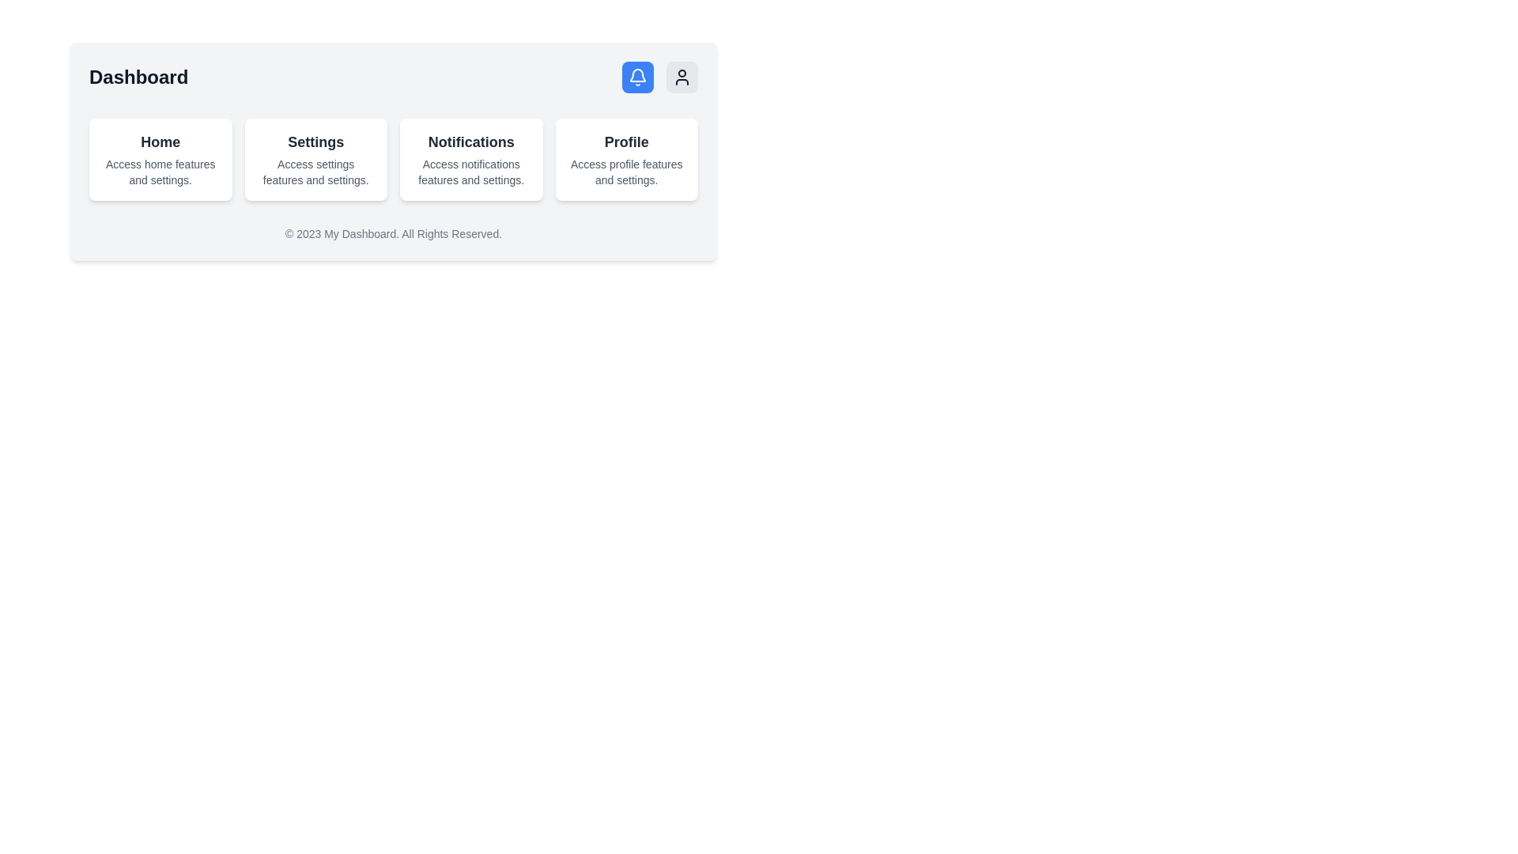 The width and height of the screenshot is (1518, 854). What do you see at coordinates (394, 234) in the screenshot?
I see `copyright notice text located in the footer of the dashboard, positioned below the main content and directly under the 'Home', 'Settings', 'Notifications', and 'Profile' cards` at bounding box center [394, 234].